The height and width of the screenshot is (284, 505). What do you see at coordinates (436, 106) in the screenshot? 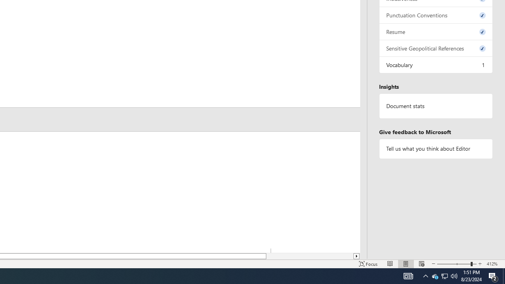
I see `'Document statistics'` at bounding box center [436, 106].